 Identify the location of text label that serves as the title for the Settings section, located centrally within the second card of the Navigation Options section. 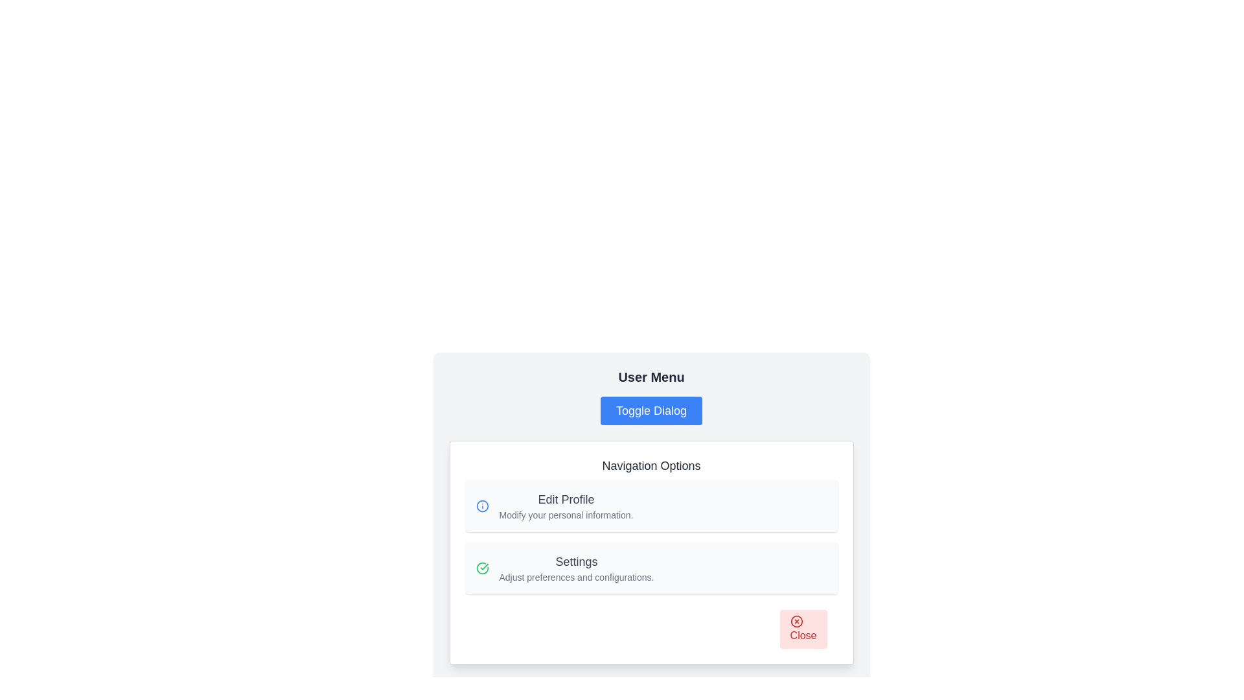
(575, 561).